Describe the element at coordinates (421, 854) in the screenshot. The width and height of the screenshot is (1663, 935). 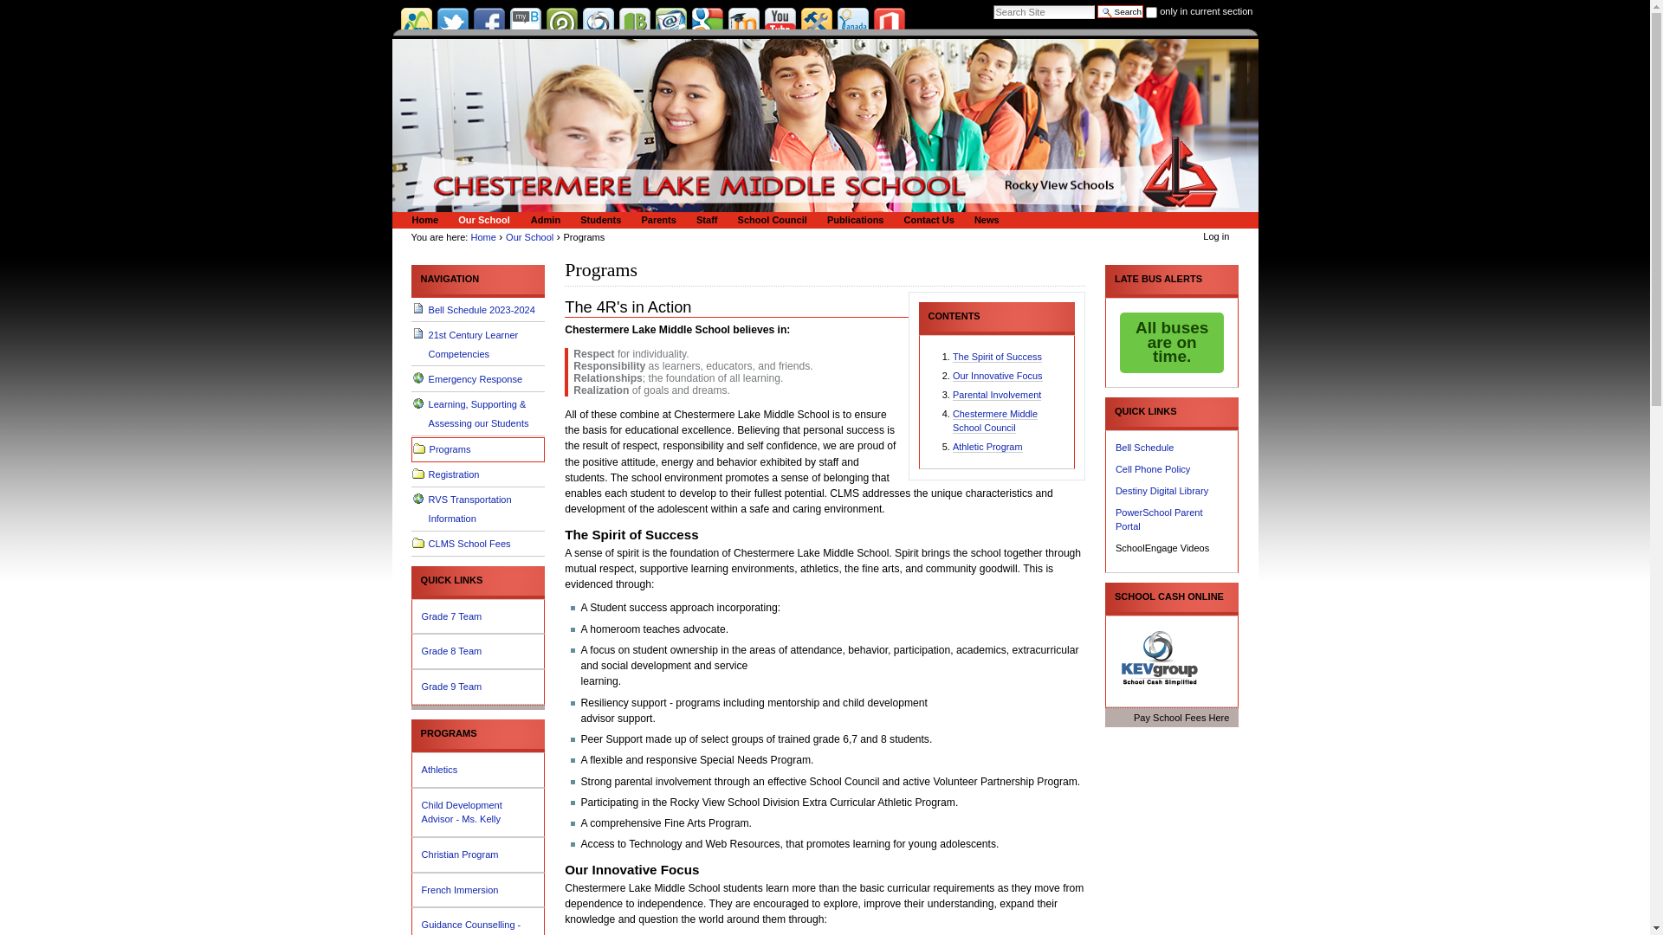
I see `'Christian Program'` at that location.